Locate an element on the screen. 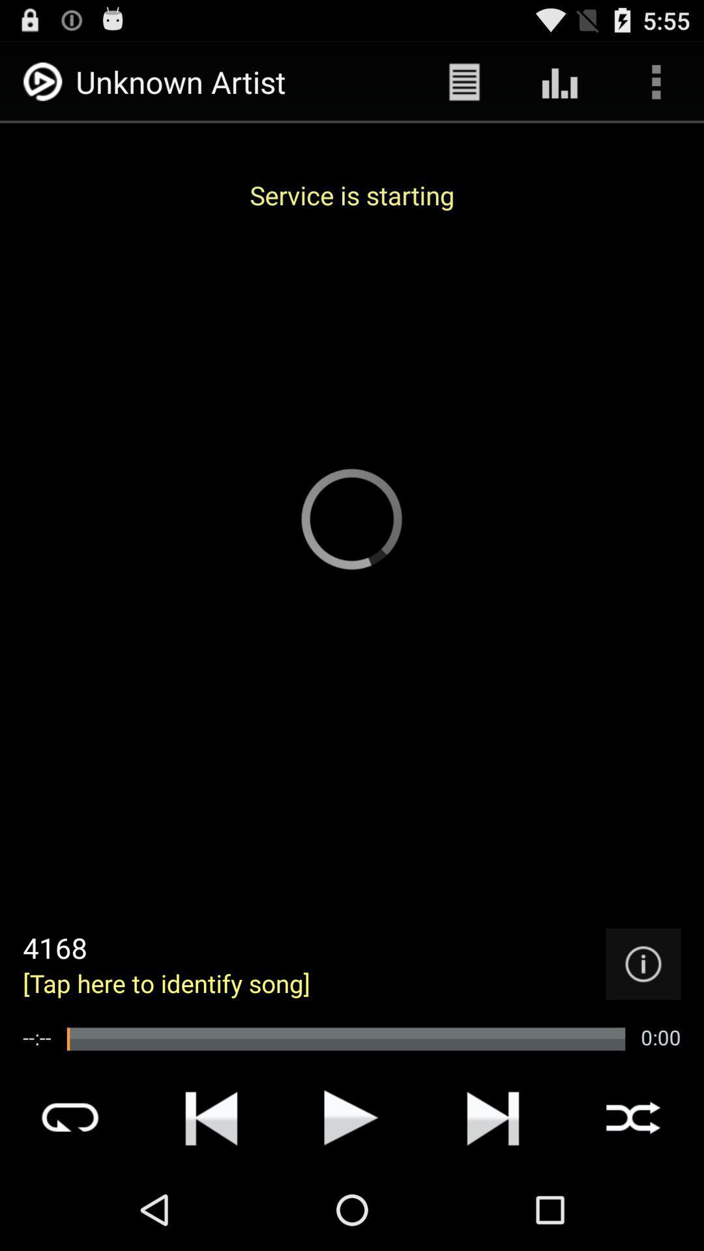  item below the tap here to icon is located at coordinates (345, 1038).